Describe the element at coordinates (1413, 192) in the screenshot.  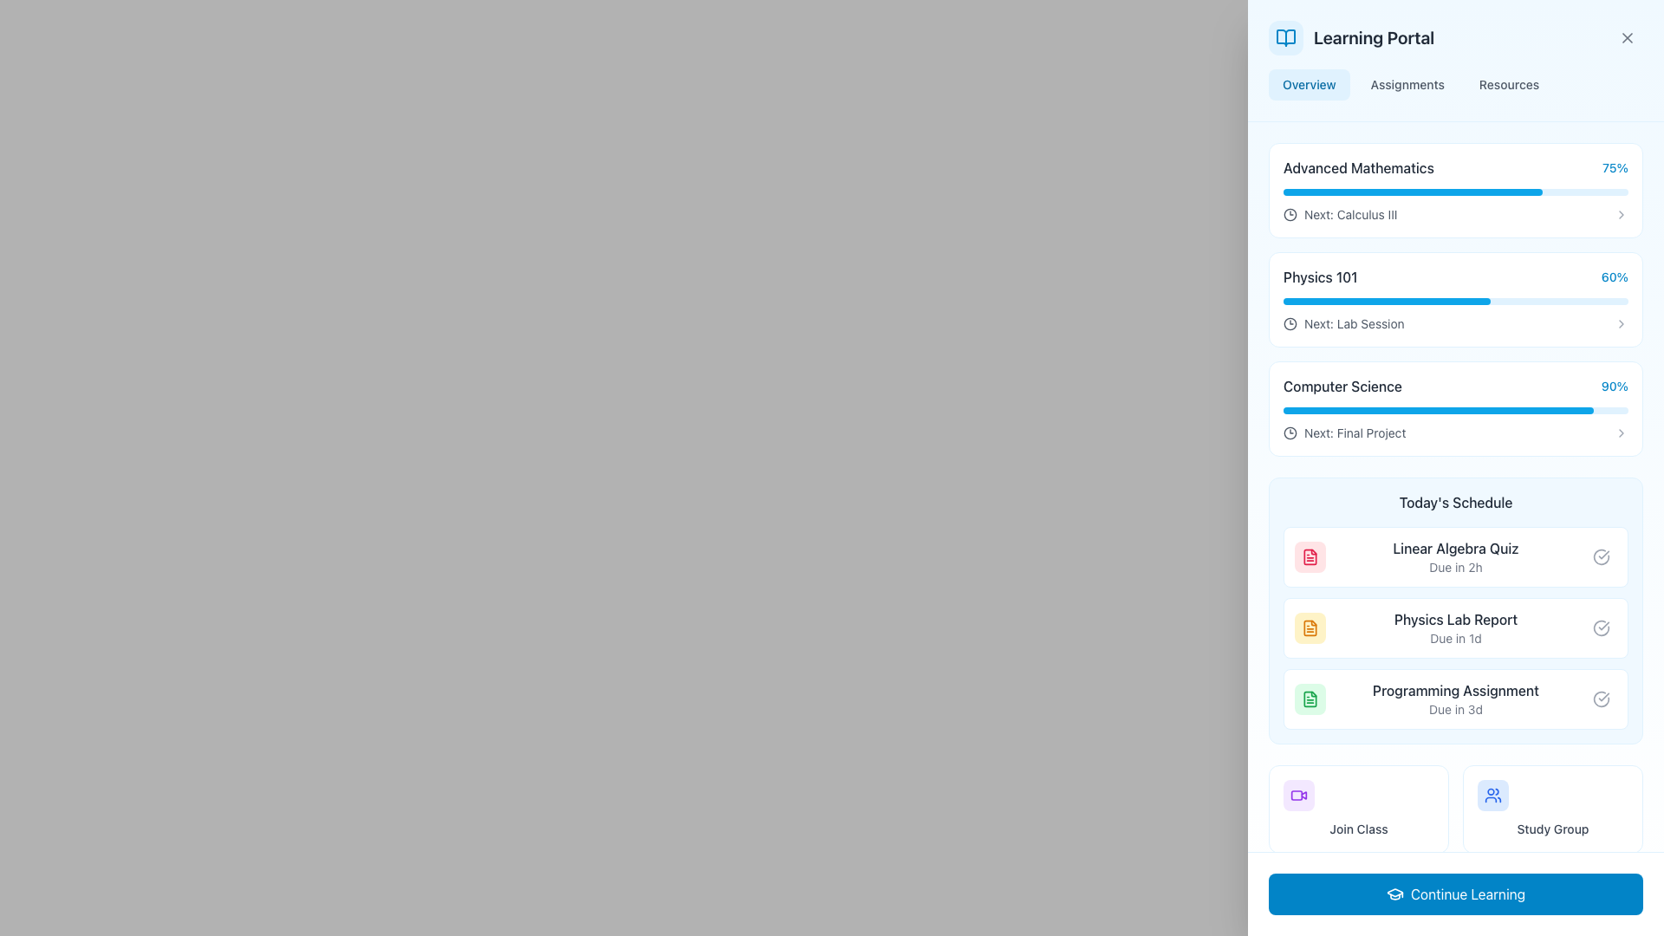
I see `progress percentage displayed next to the light blue progress bar indicating 75% progress, located in the 'Advanced Mathematics' section of the card` at that location.